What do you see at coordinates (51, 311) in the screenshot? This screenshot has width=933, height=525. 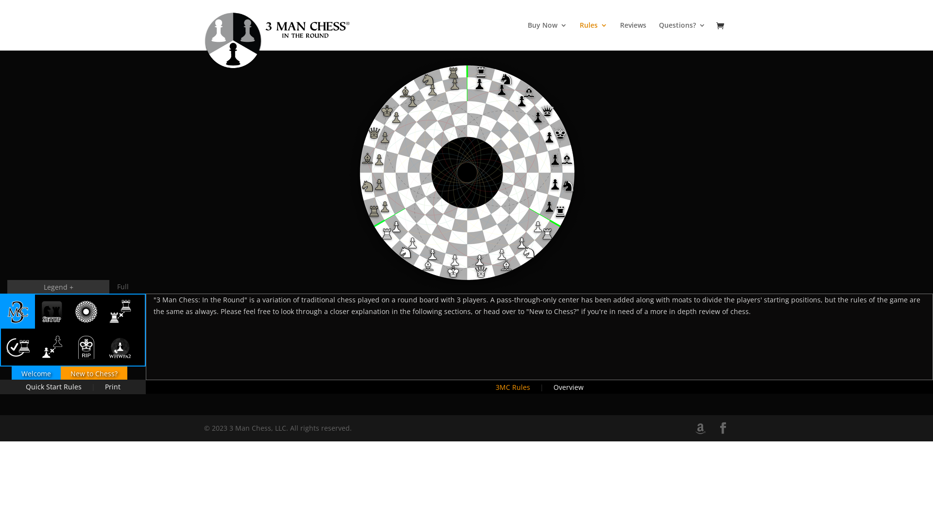 I see `'Setup'` at bounding box center [51, 311].